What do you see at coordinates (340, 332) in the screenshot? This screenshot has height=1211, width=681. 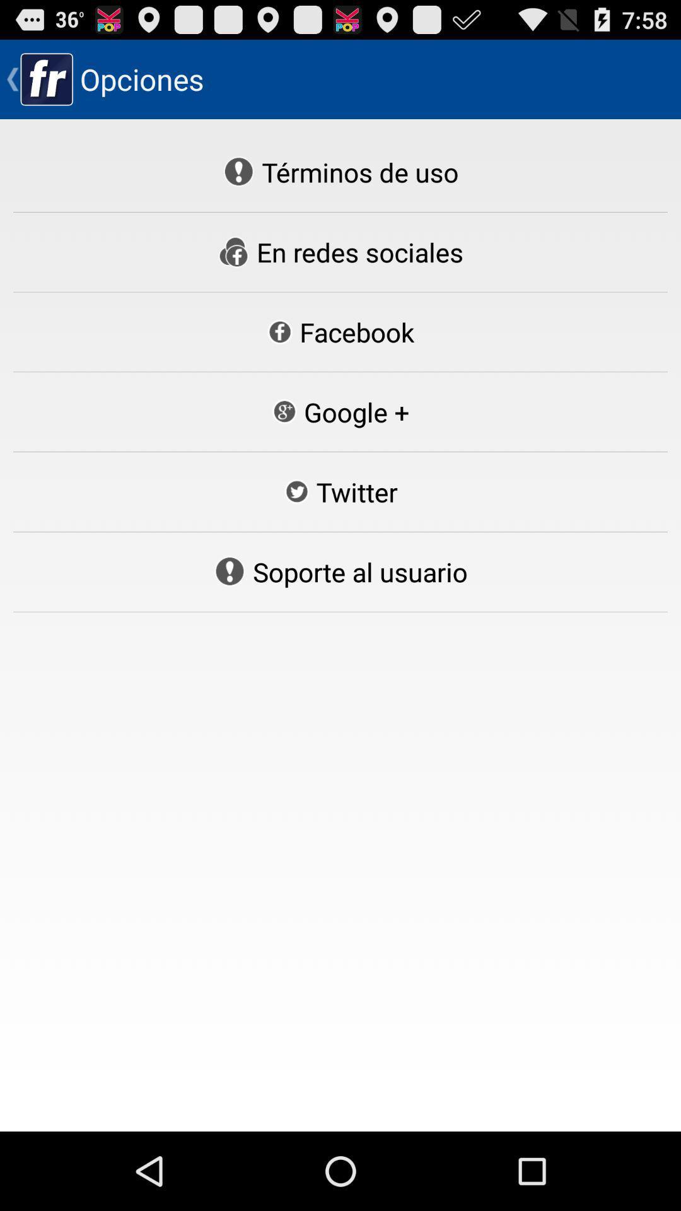 I see `the facebook icon` at bounding box center [340, 332].